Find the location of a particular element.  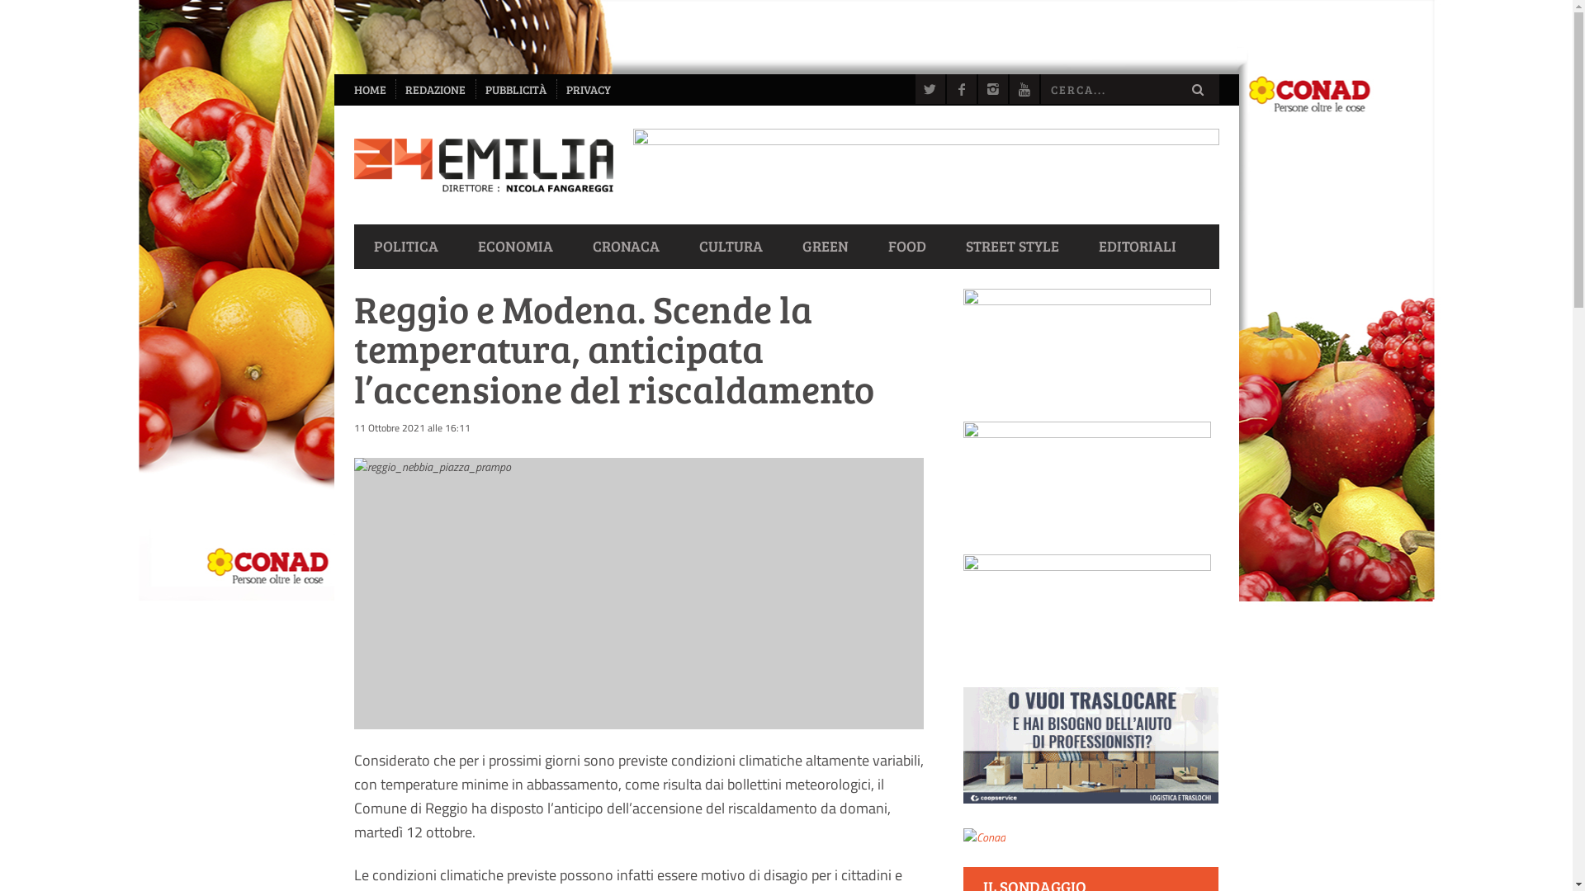

'CRONACA' is located at coordinates (625, 246).